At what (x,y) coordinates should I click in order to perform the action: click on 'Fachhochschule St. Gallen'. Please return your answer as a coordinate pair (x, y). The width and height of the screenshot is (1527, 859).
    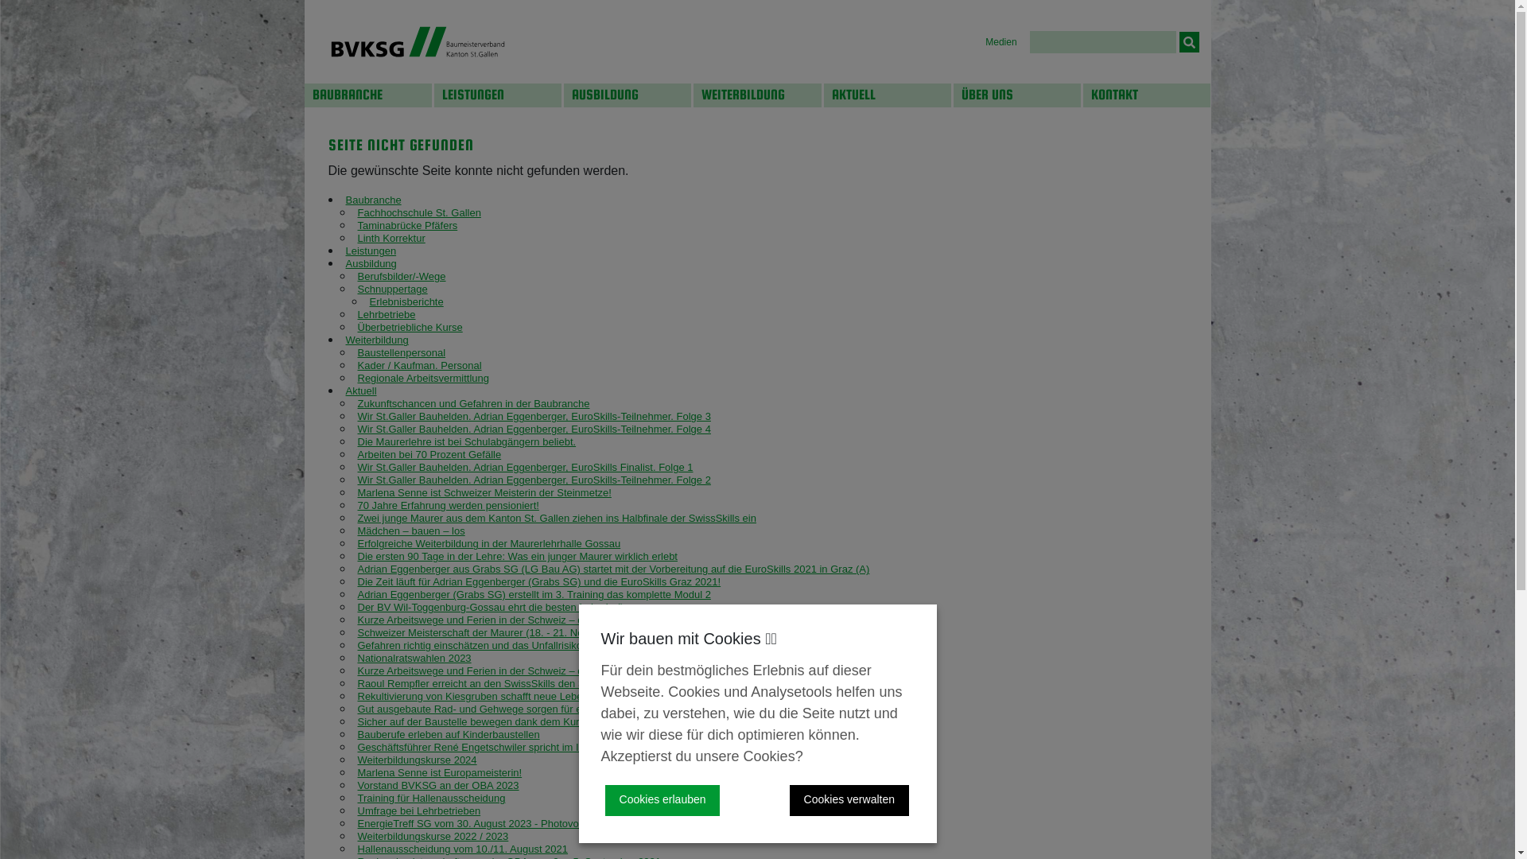
    Looking at the image, I should click on (419, 212).